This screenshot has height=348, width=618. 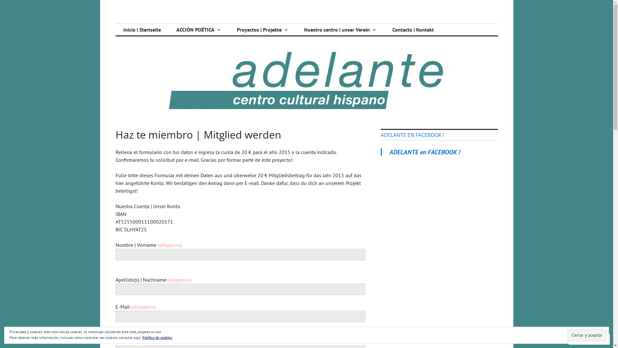 I want to click on 'Seguir', so click(x=583, y=339).